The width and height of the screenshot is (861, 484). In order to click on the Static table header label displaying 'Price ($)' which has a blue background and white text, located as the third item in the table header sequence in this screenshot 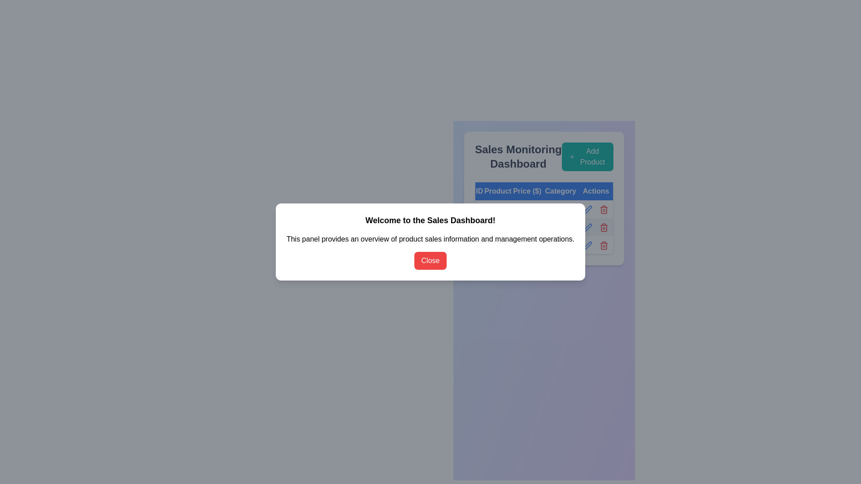, I will do `click(527, 190)`.